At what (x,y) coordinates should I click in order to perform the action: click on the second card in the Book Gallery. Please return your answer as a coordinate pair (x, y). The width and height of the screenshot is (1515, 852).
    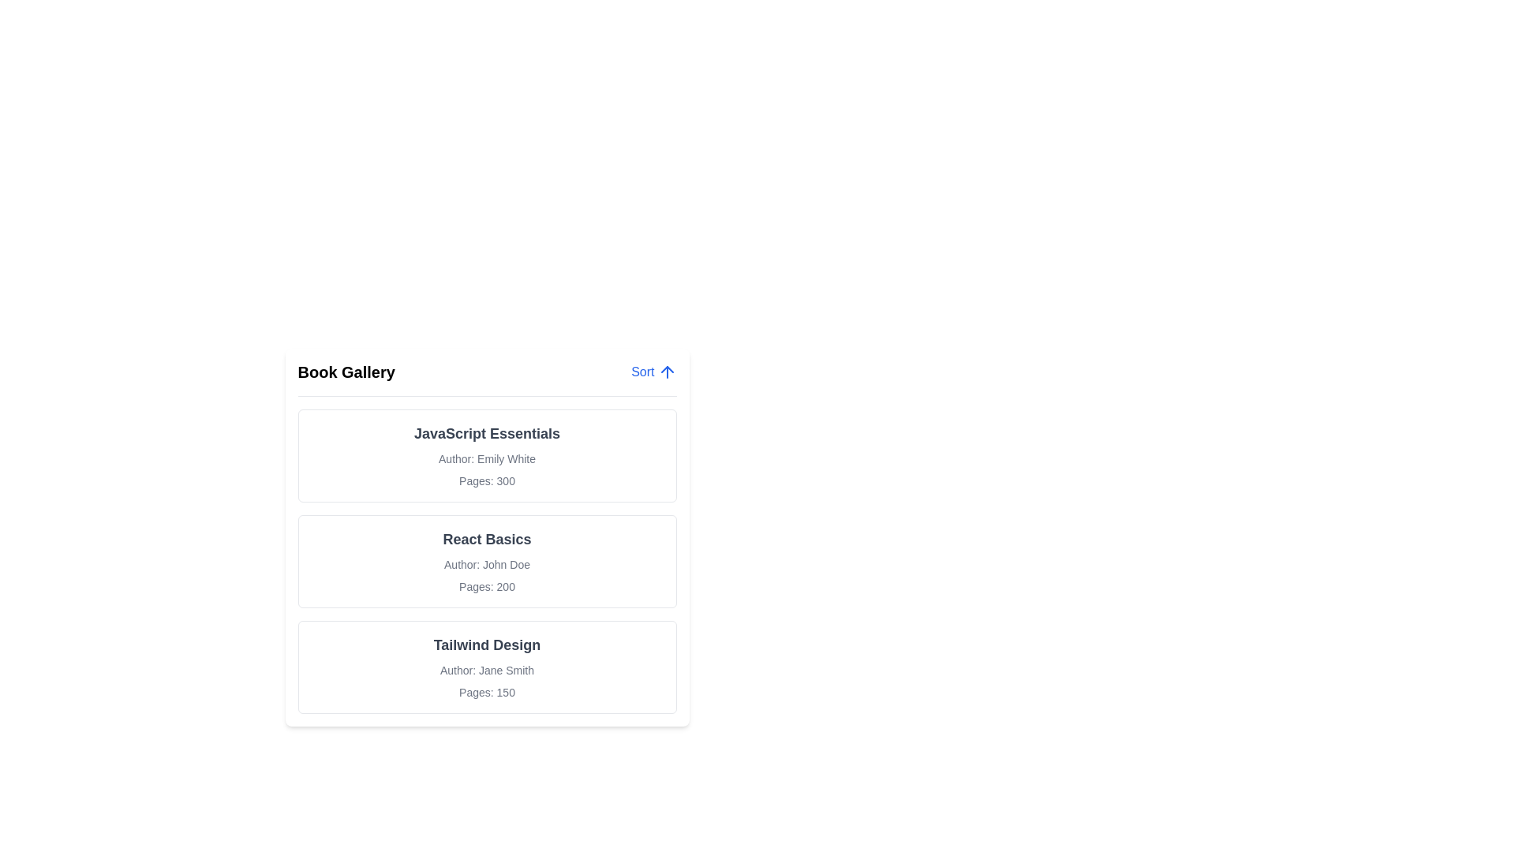
    Looking at the image, I should click on (486, 561).